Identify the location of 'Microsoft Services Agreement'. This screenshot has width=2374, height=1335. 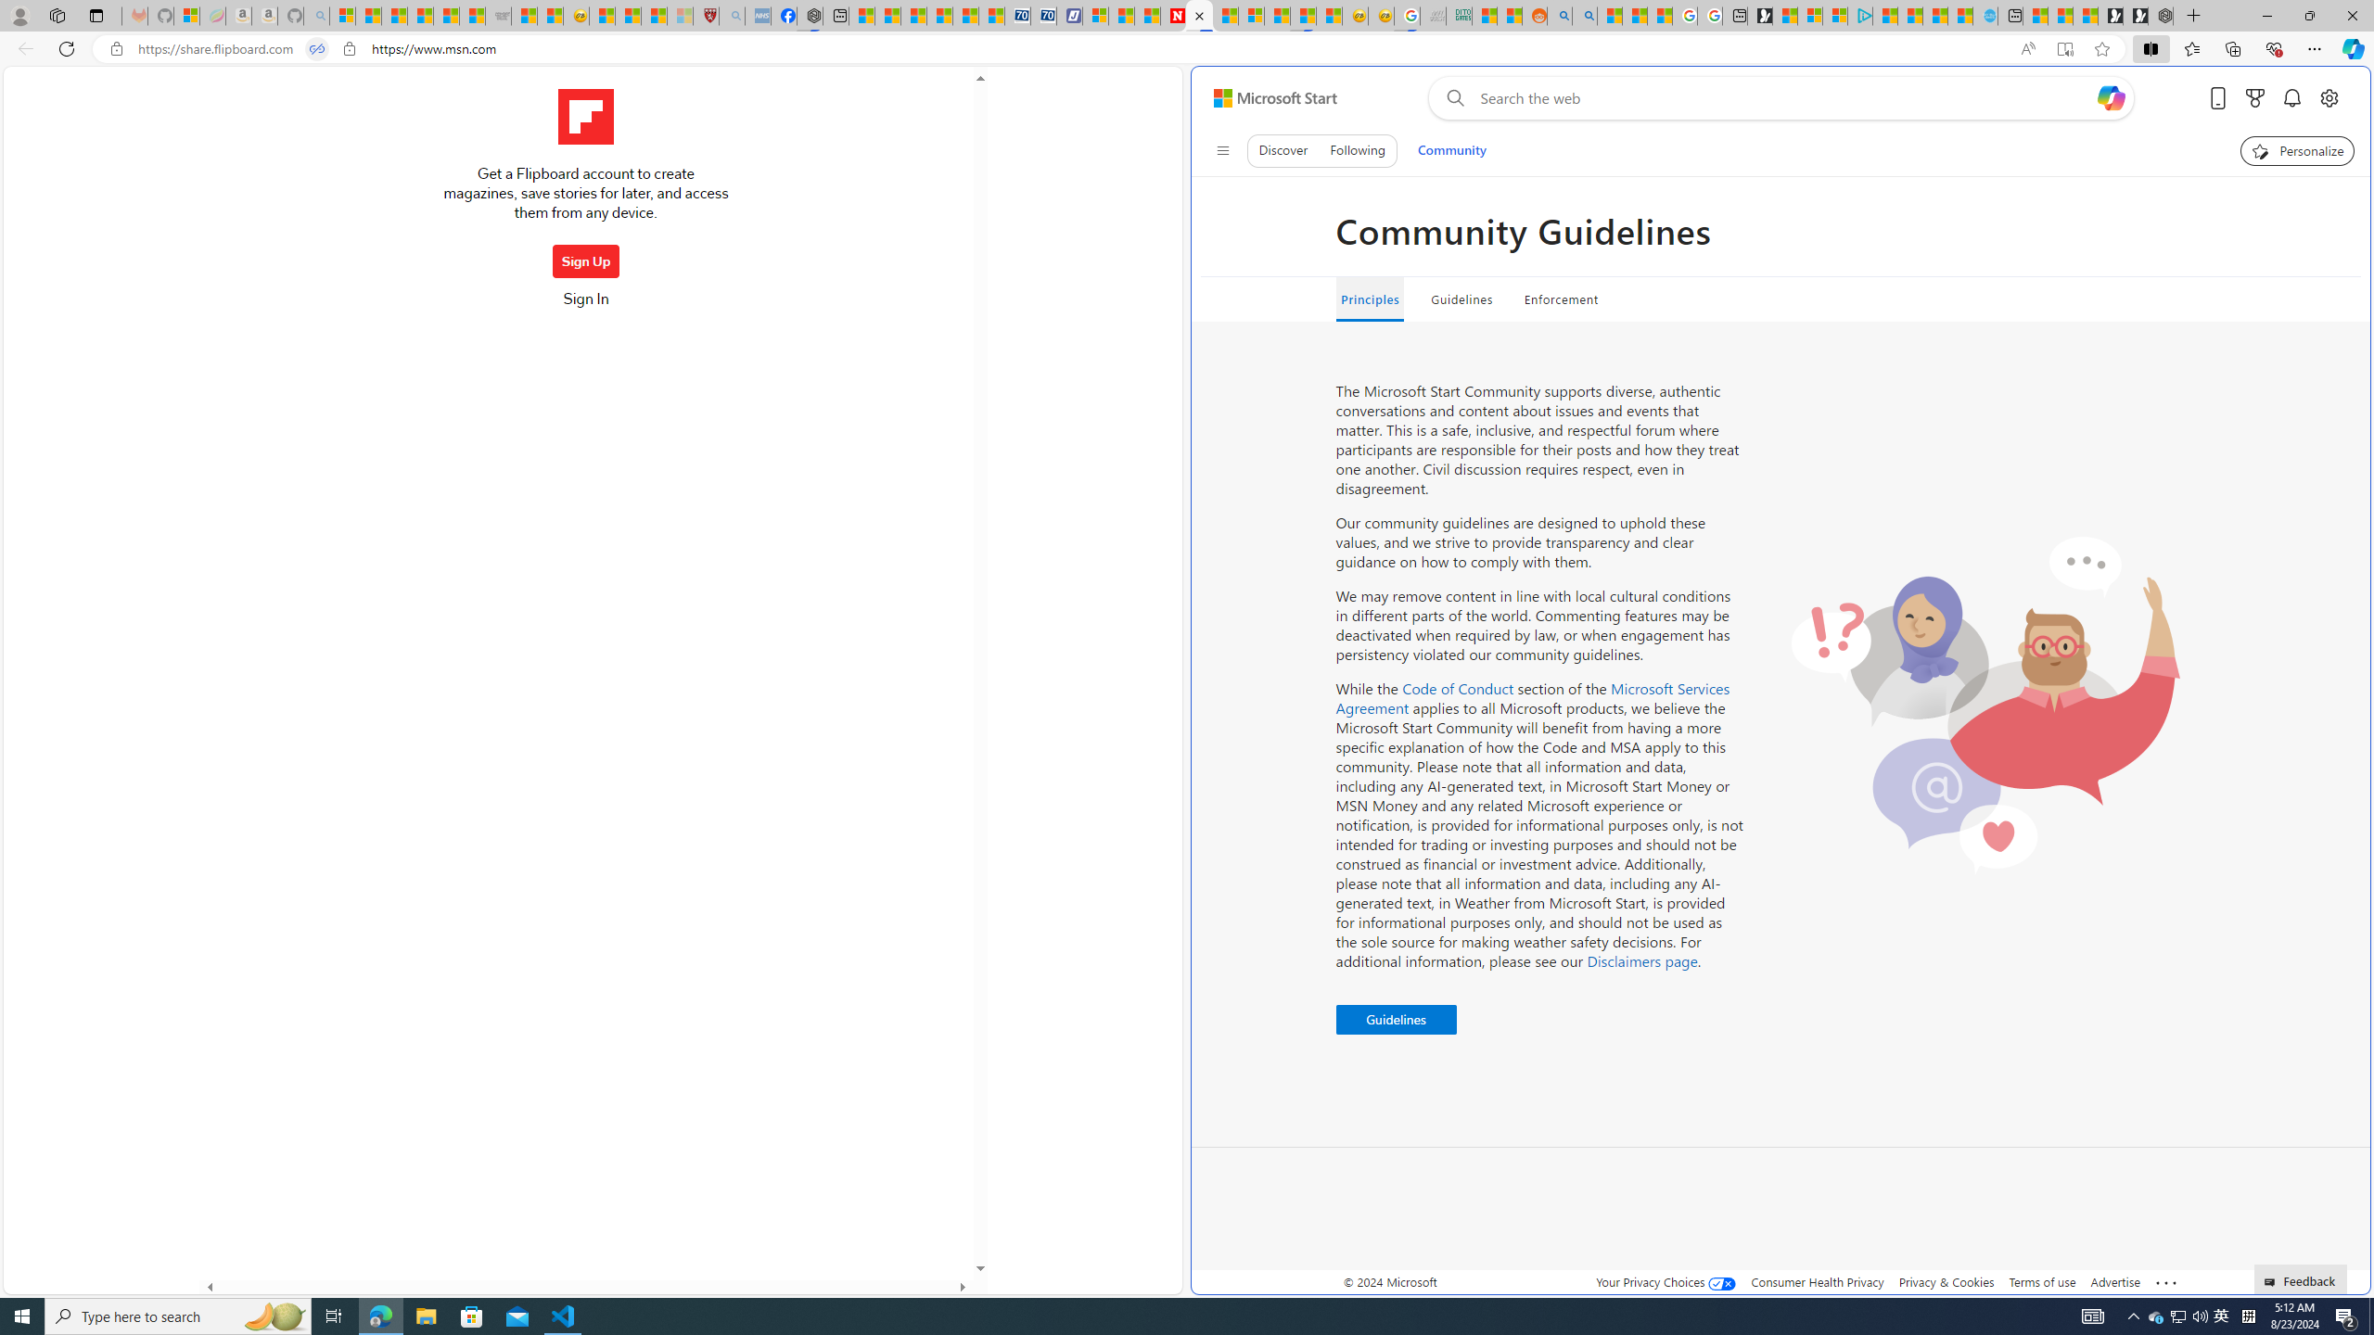
(1531, 697).